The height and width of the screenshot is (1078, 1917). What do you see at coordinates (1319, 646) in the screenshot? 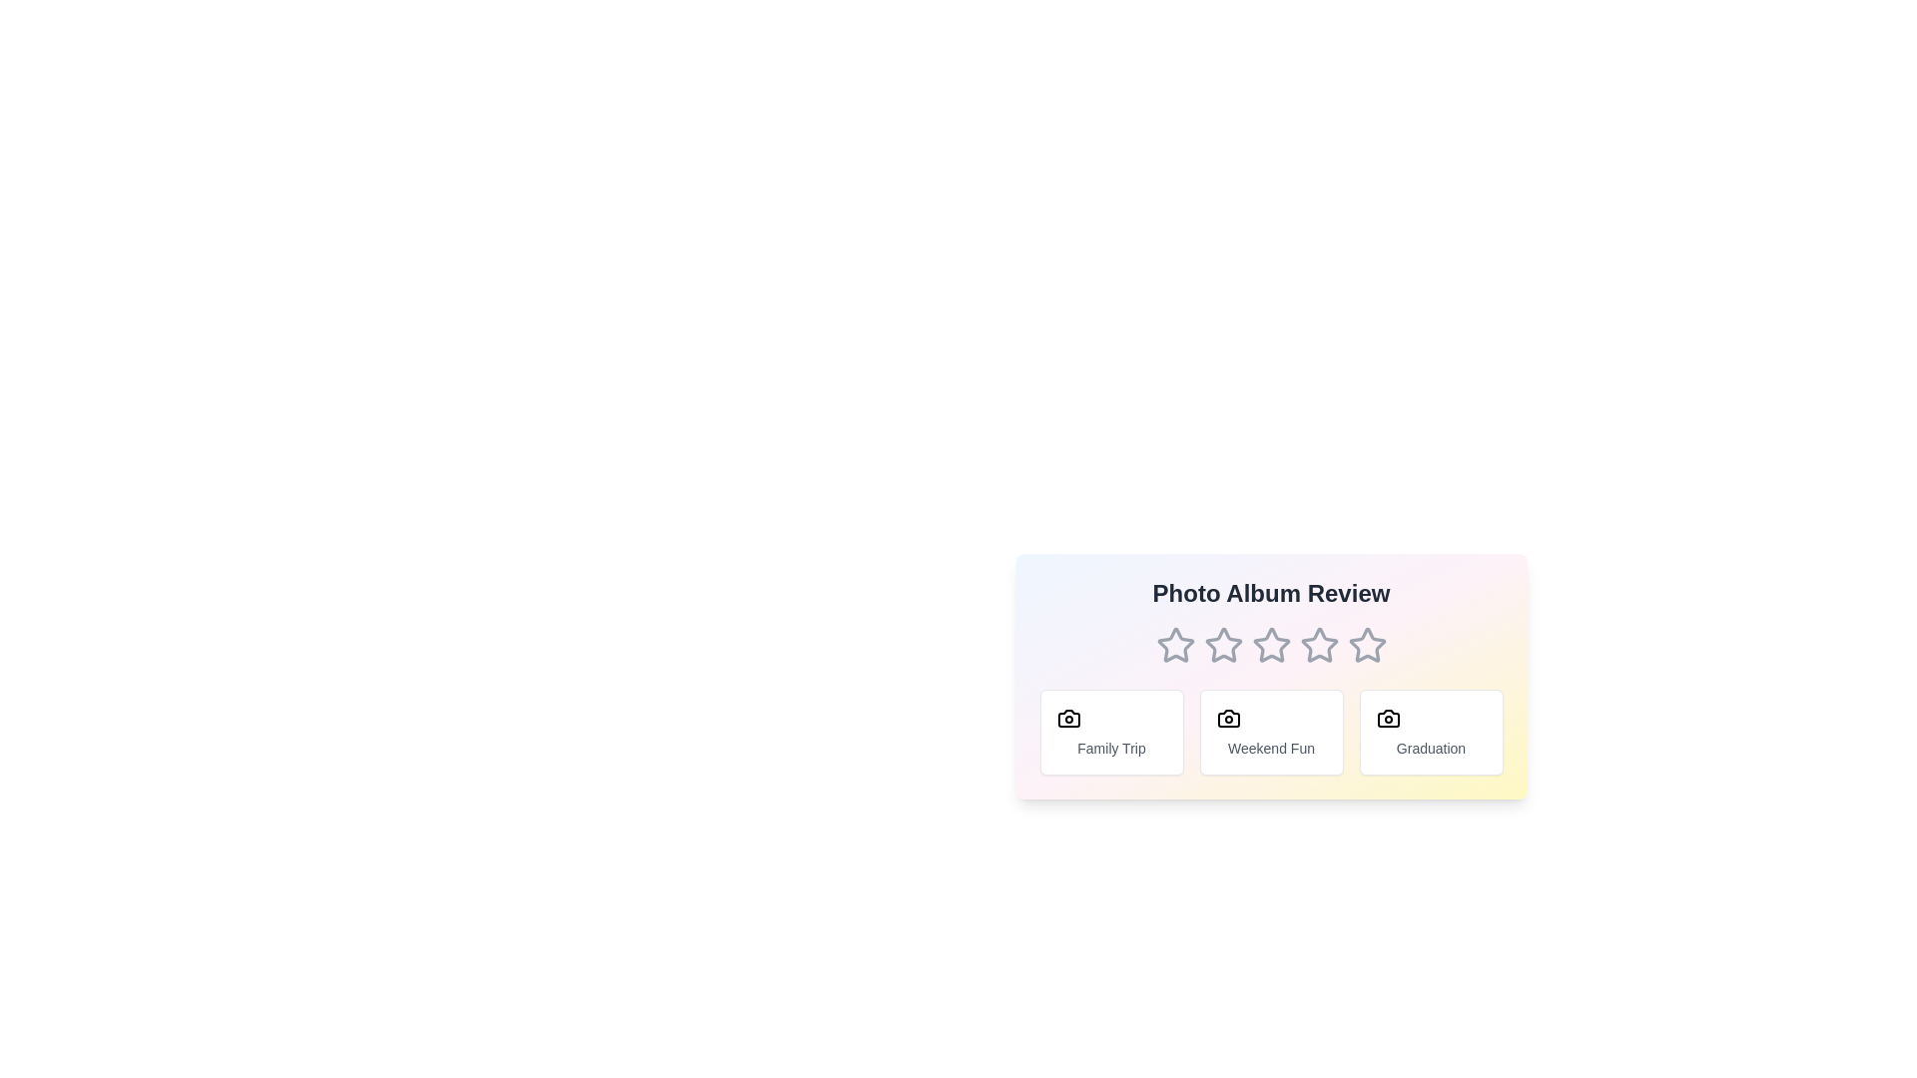
I see `the 4 star to set the rating` at bounding box center [1319, 646].